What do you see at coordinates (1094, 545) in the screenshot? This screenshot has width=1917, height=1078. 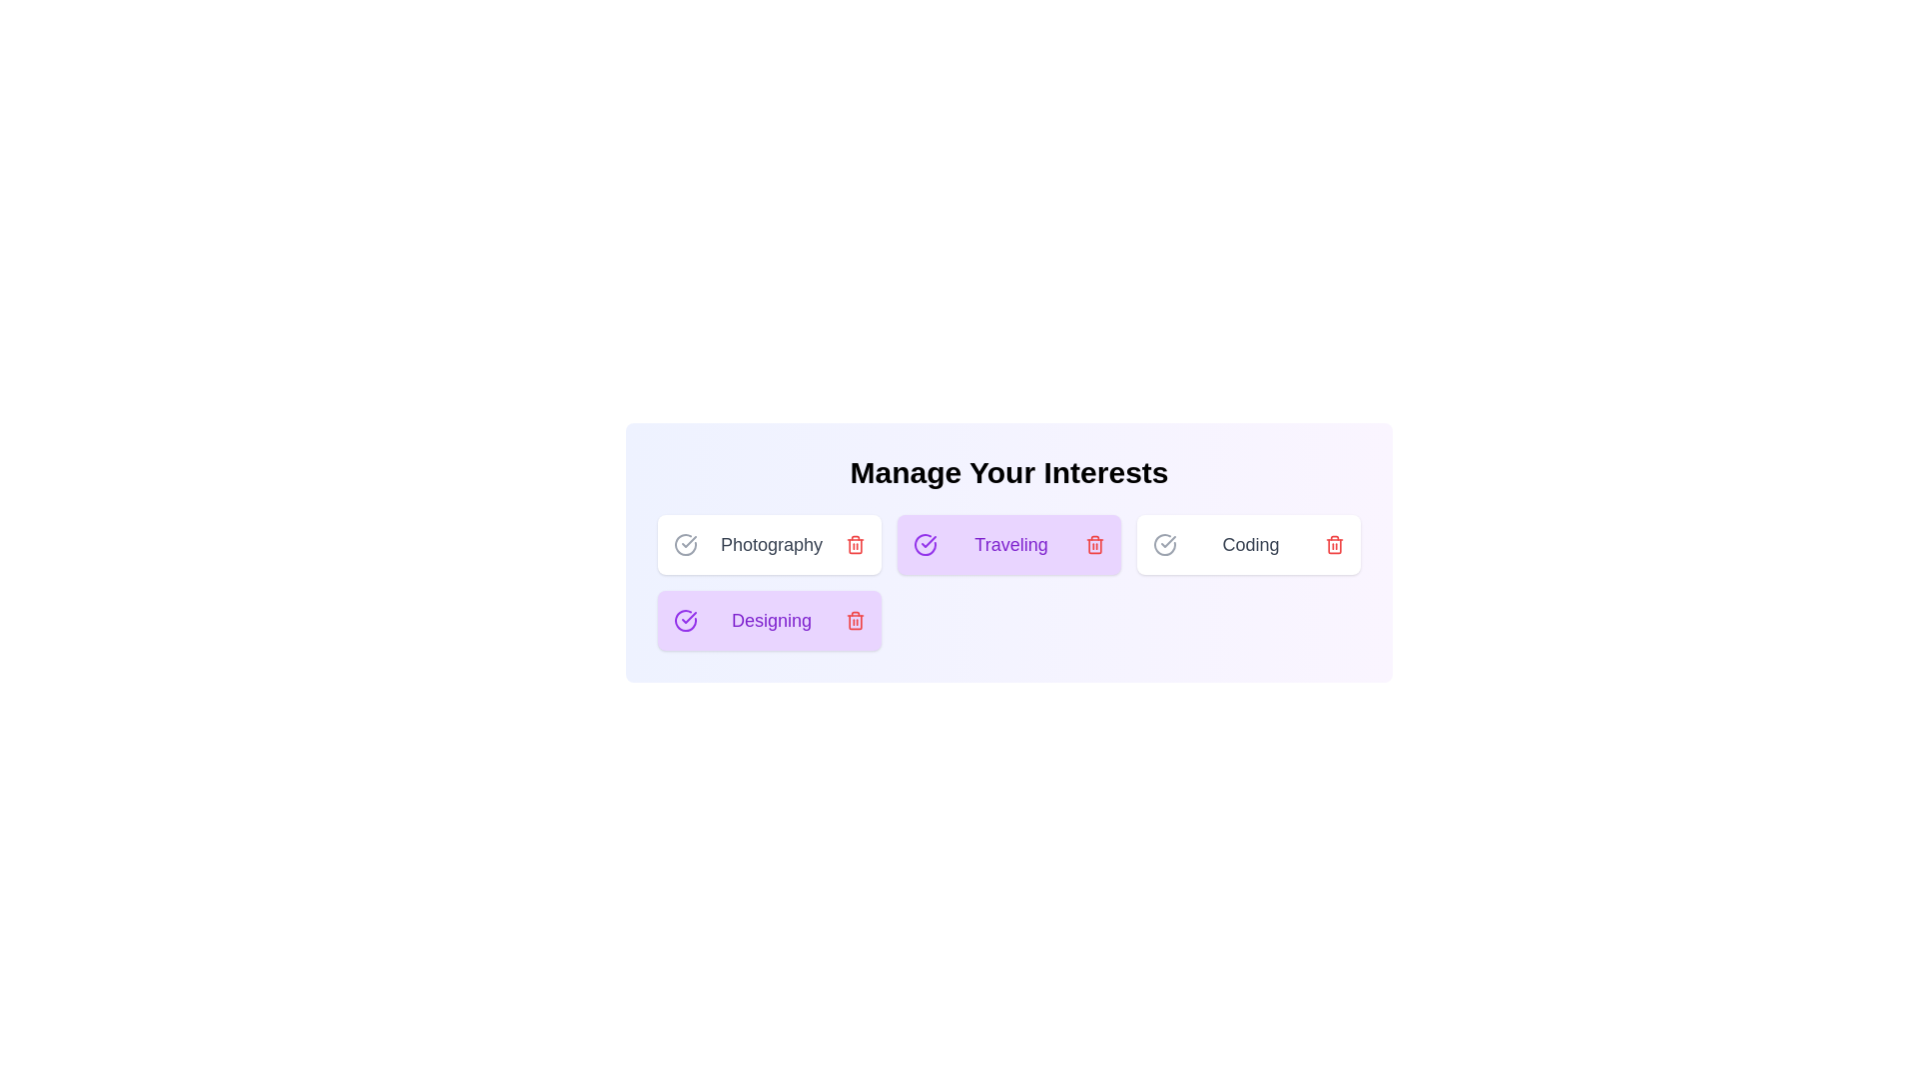 I see `delete icon for the chip labeled 'Traveling' to remove it` at bounding box center [1094, 545].